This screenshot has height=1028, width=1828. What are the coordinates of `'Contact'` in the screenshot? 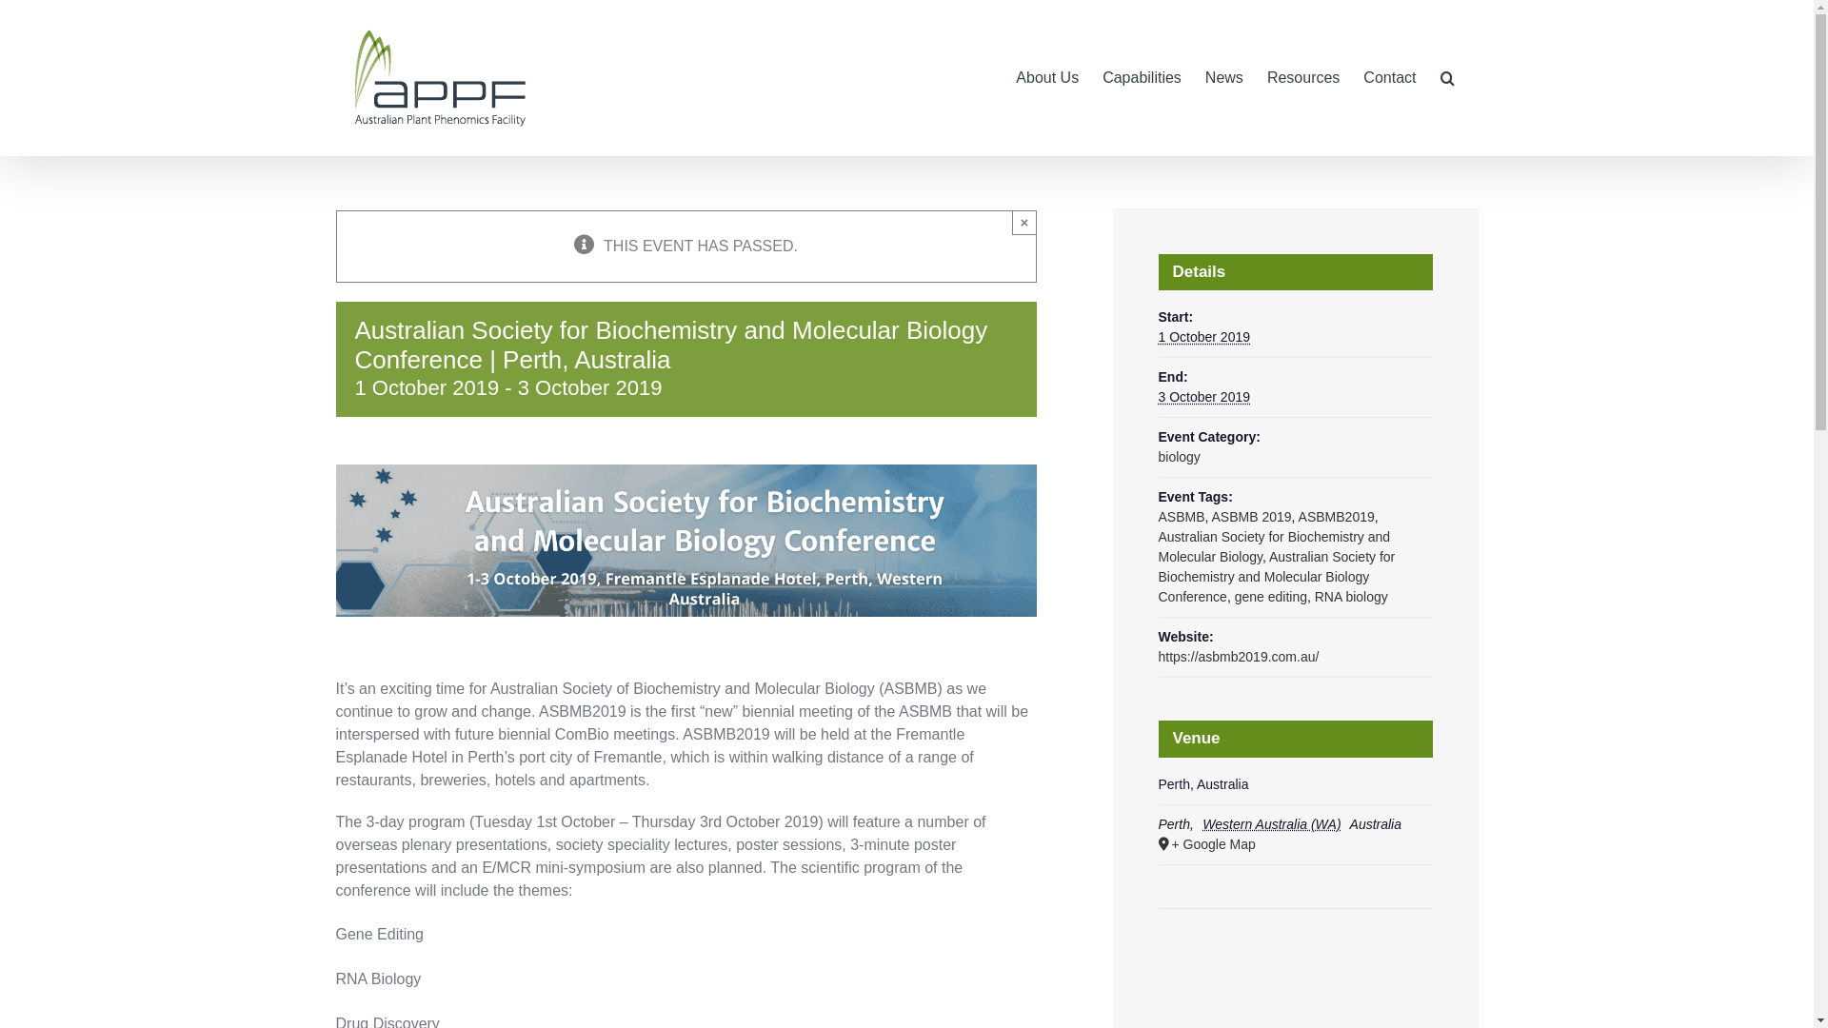 It's located at (1389, 76).